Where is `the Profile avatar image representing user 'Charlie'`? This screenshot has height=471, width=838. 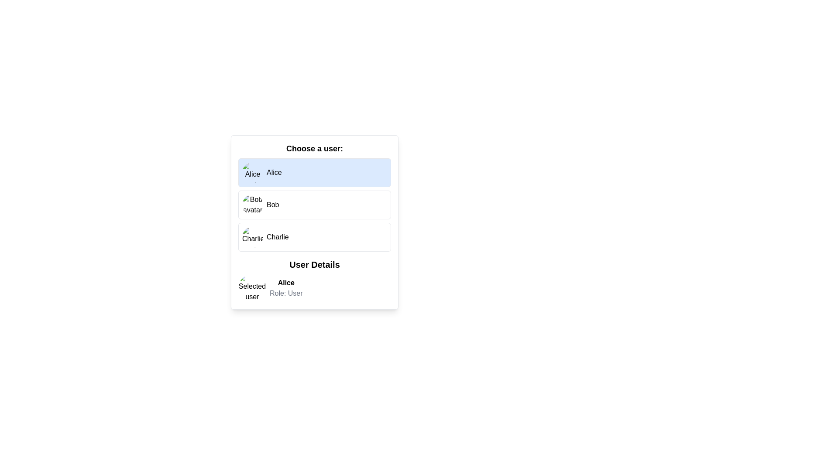 the Profile avatar image representing user 'Charlie' is located at coordinates (252, 237).